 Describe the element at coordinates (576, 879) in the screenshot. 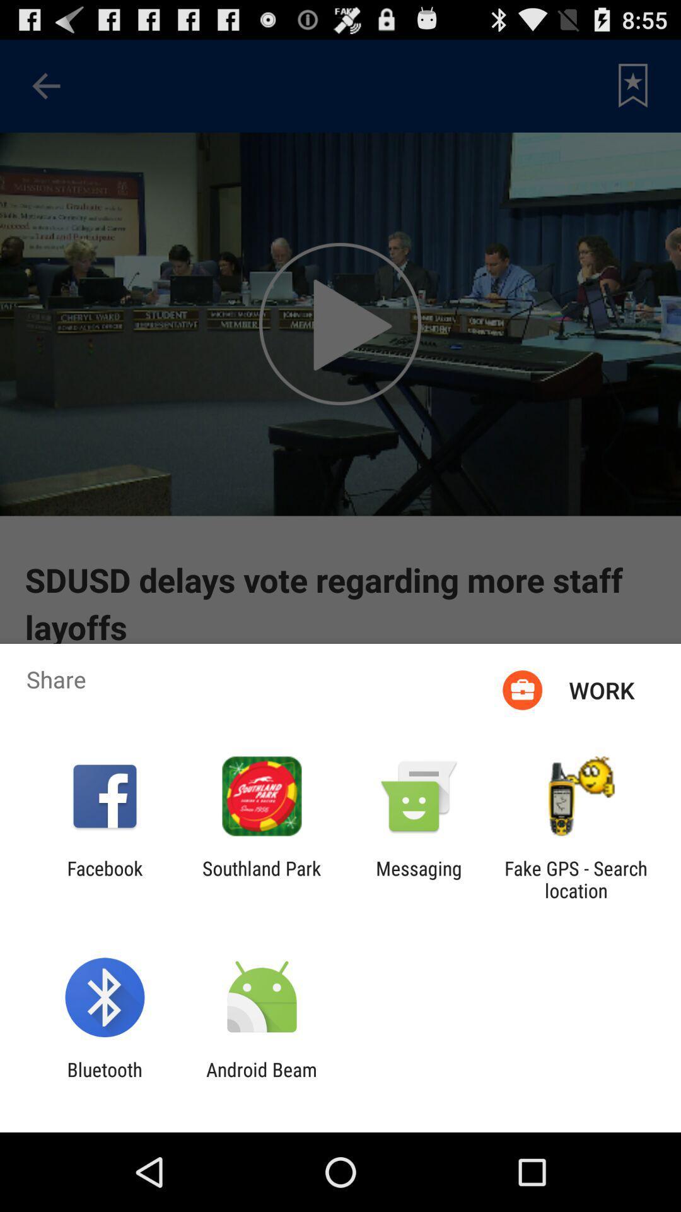

I see `item to the right of messaging` at that location.